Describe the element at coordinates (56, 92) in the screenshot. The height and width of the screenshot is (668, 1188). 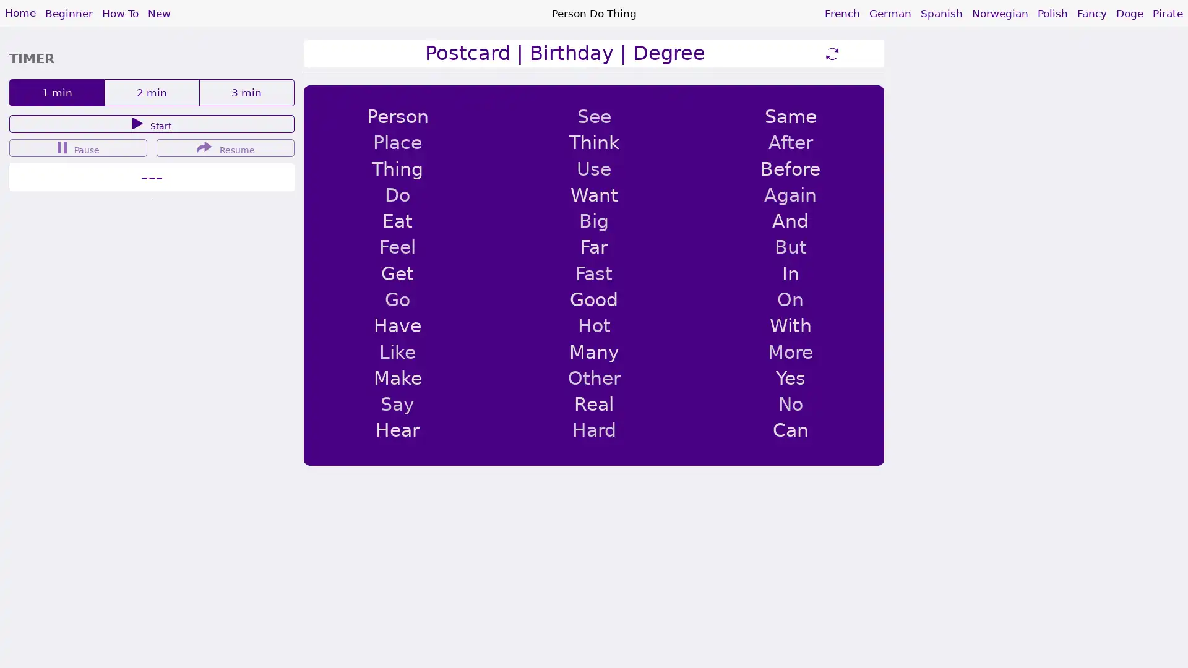
I see `1 min` at that location.